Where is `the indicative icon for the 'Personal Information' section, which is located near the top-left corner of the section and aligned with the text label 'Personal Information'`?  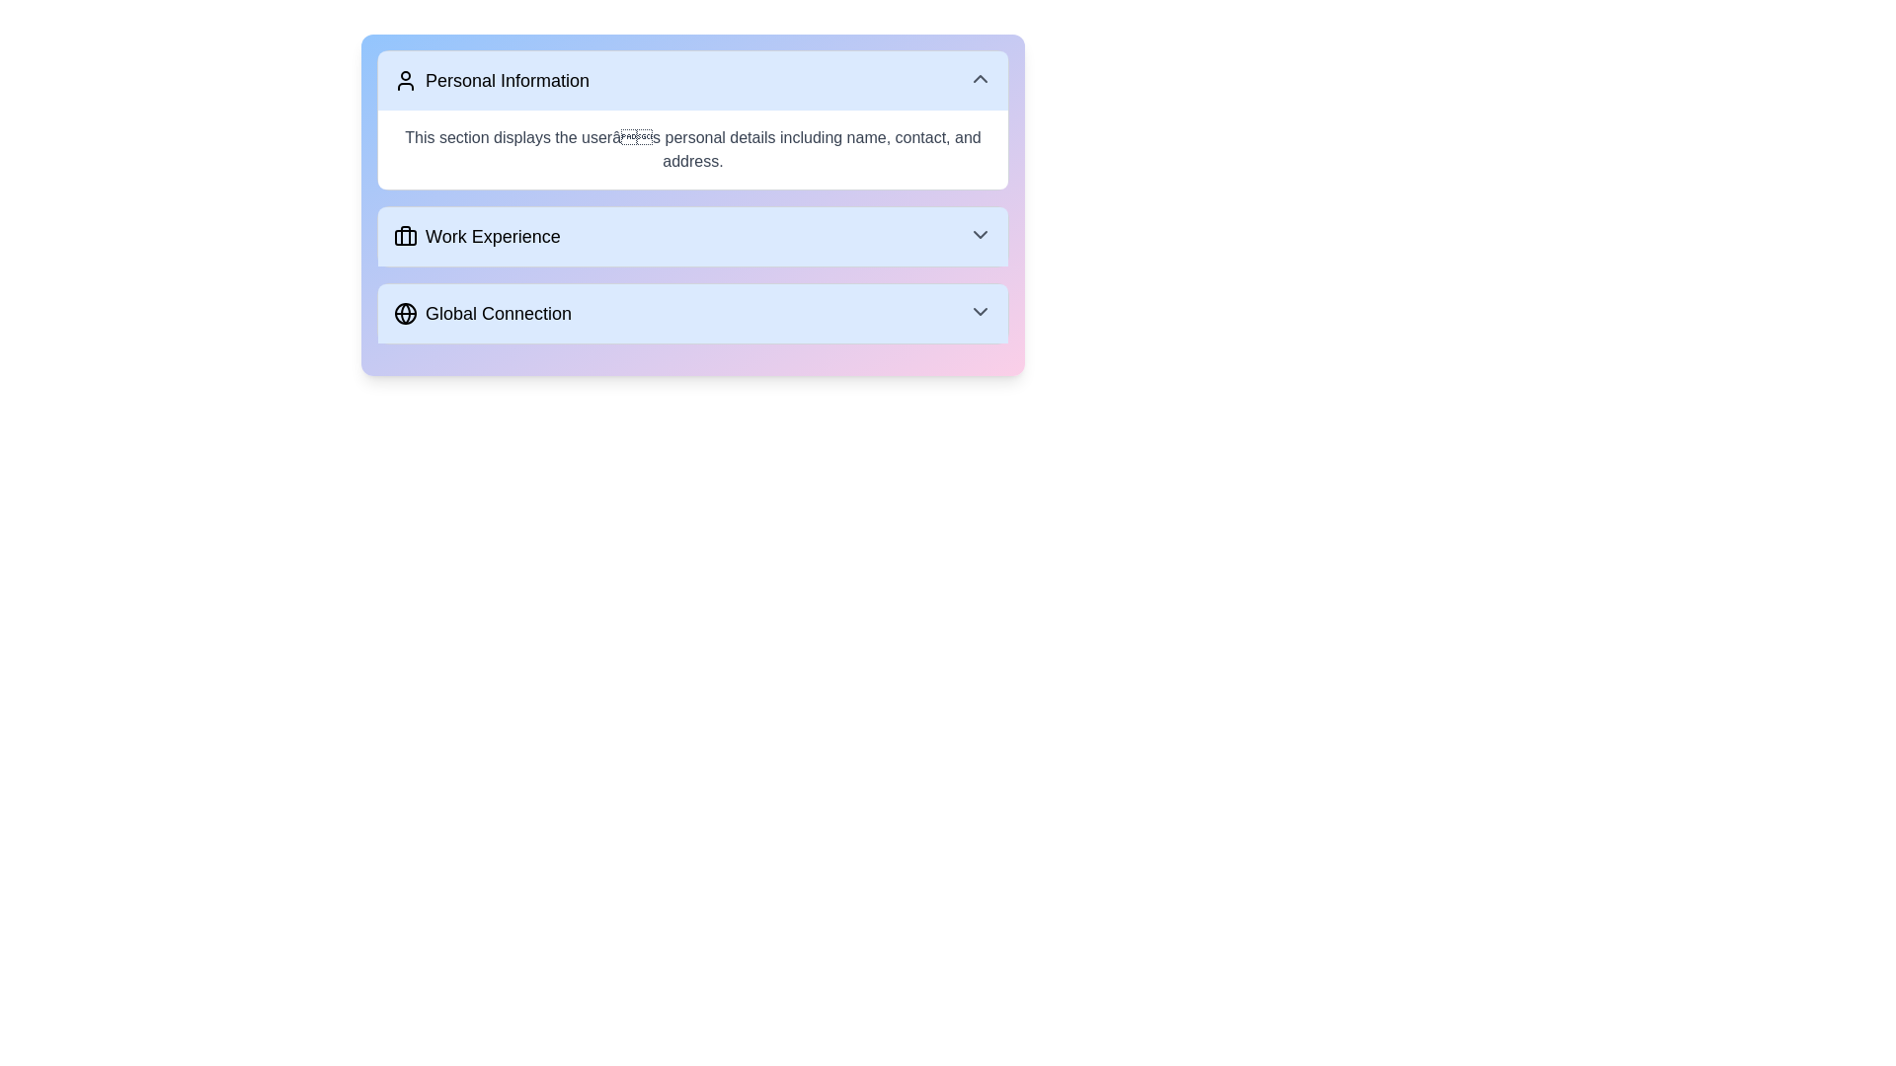
the indicative icon for the 'Personal Information' section, which is located near the top-left corner of the section and aligned with the text label 'Personal Information' is located at coordinates (405, 79).